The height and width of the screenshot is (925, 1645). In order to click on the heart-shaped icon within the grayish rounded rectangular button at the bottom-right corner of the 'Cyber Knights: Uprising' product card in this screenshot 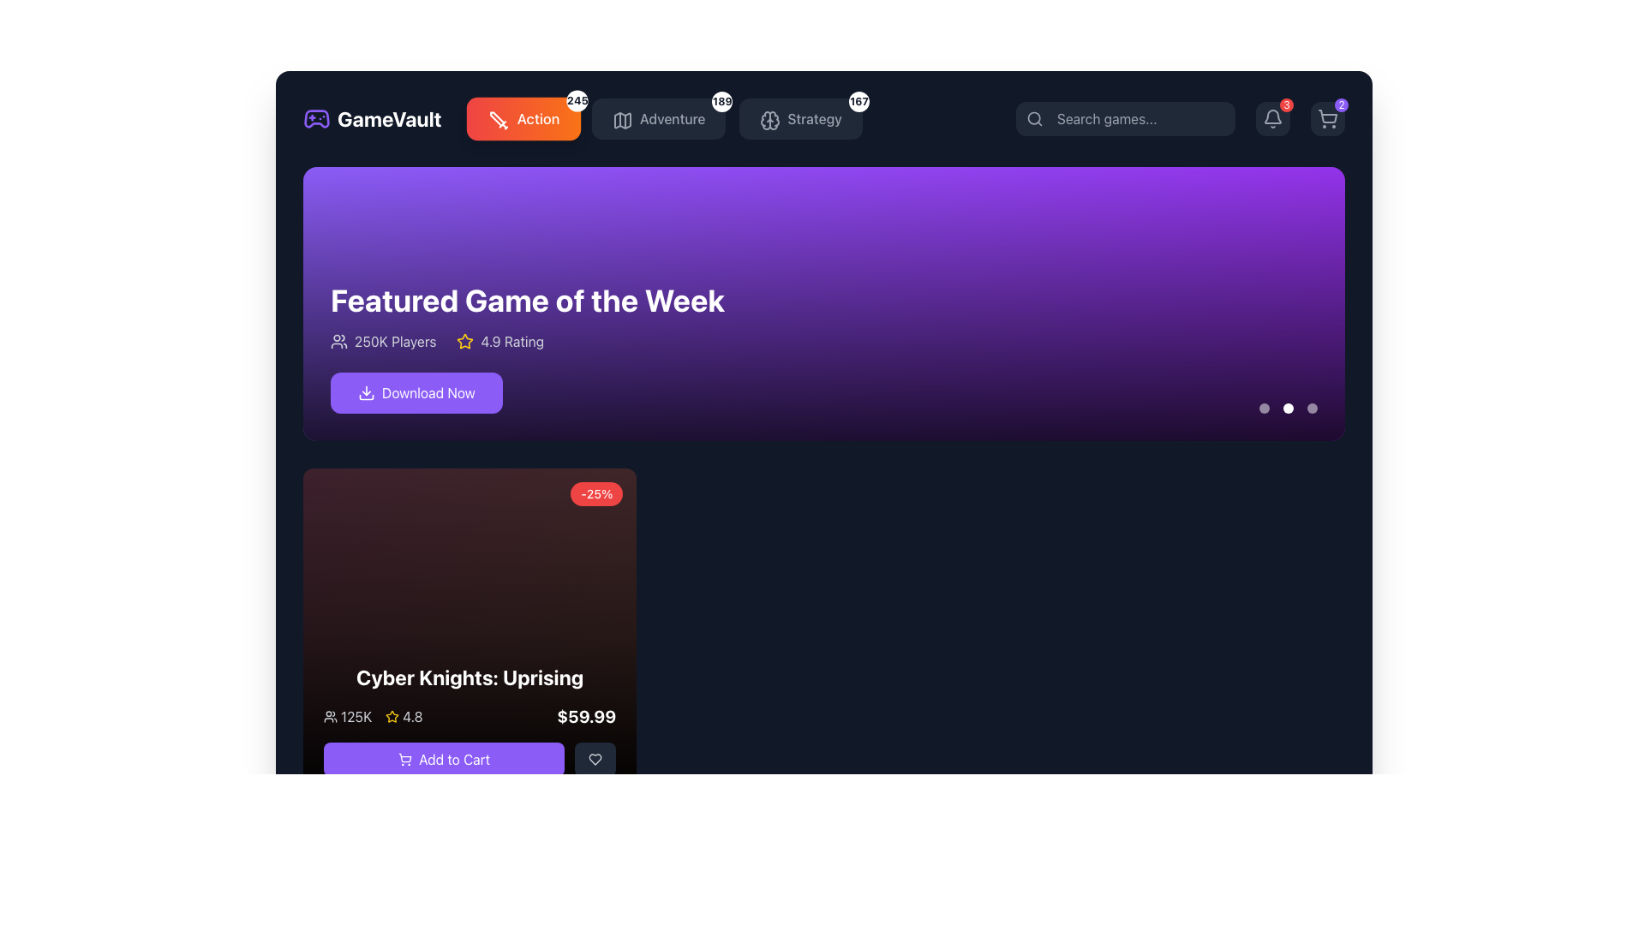, I will do `click(595, 759)`.